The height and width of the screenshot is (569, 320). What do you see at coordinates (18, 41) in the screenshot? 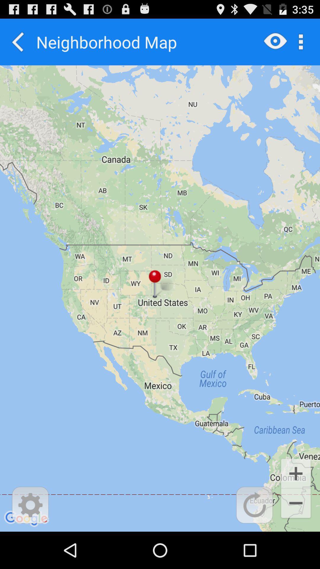
I see `app to the left of the neighborhood map icon` at bounding box center [18, 41].